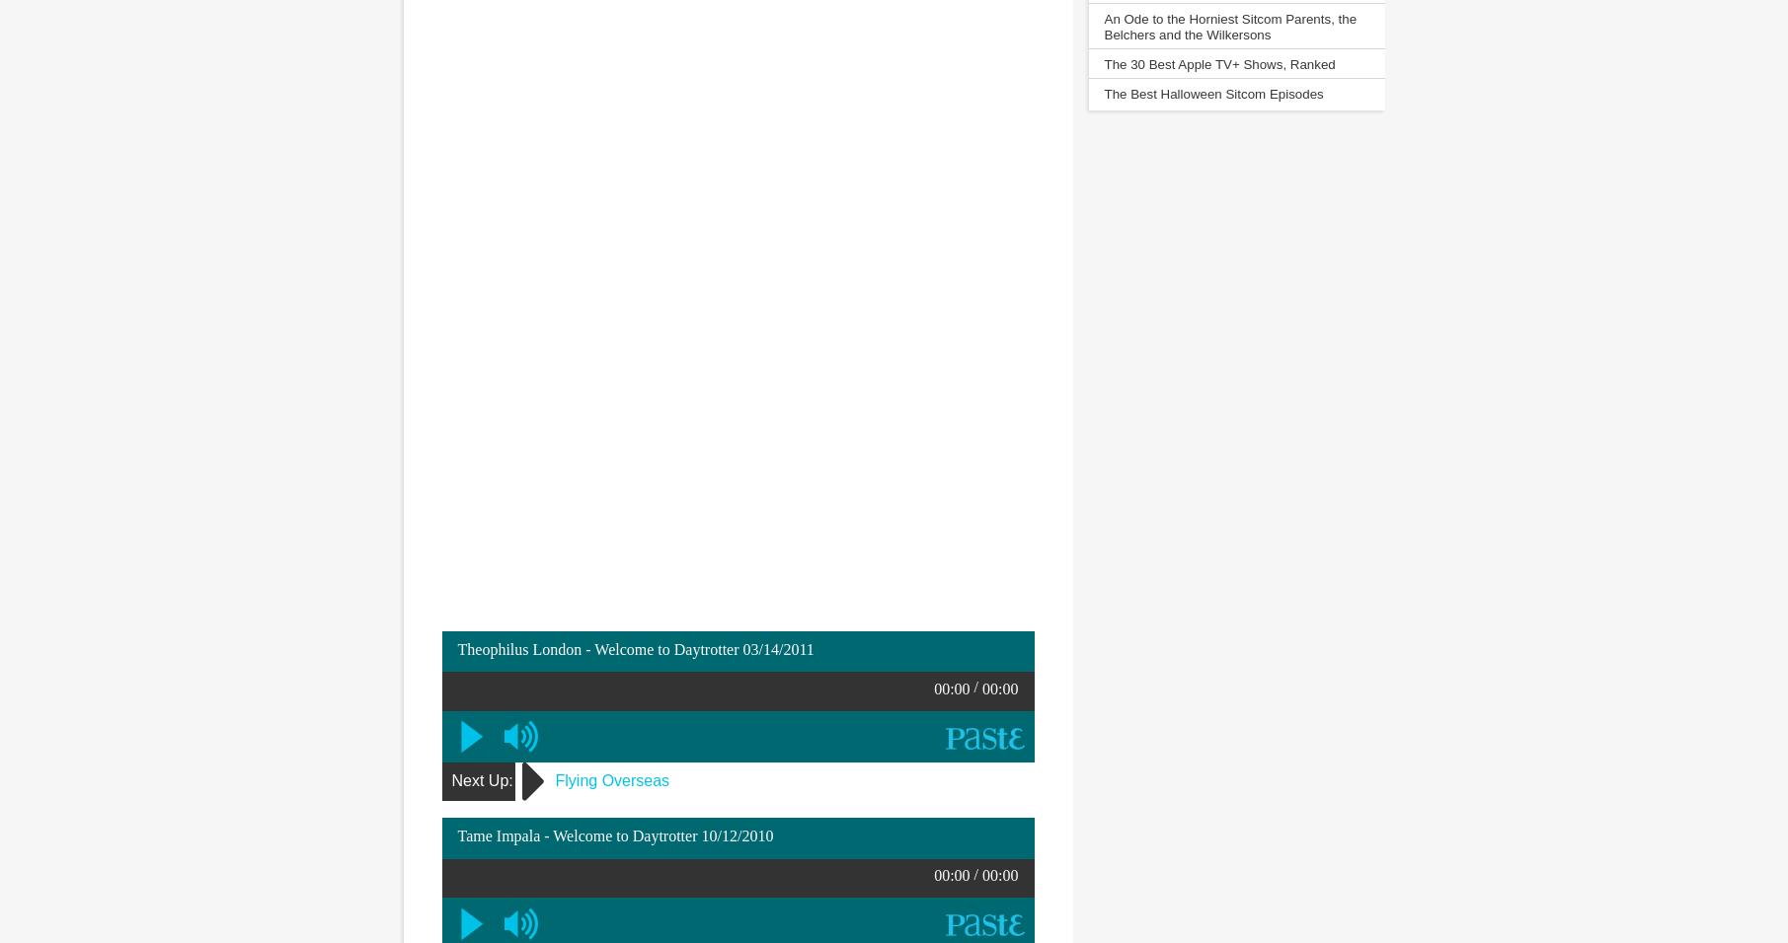 The image size is (1788, 943). I want to click on 'The Best Halloween Sitcom Episodes', so click(1212, 93).